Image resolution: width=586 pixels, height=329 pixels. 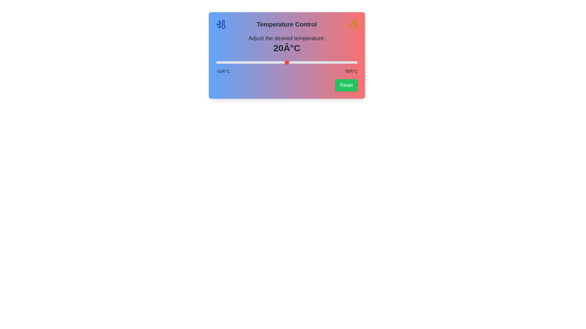 What do you see at coordinates (296, 62) in the screenshot?
I see `the slider to set the temperature to 24°C` at bounding box center [296, 62].